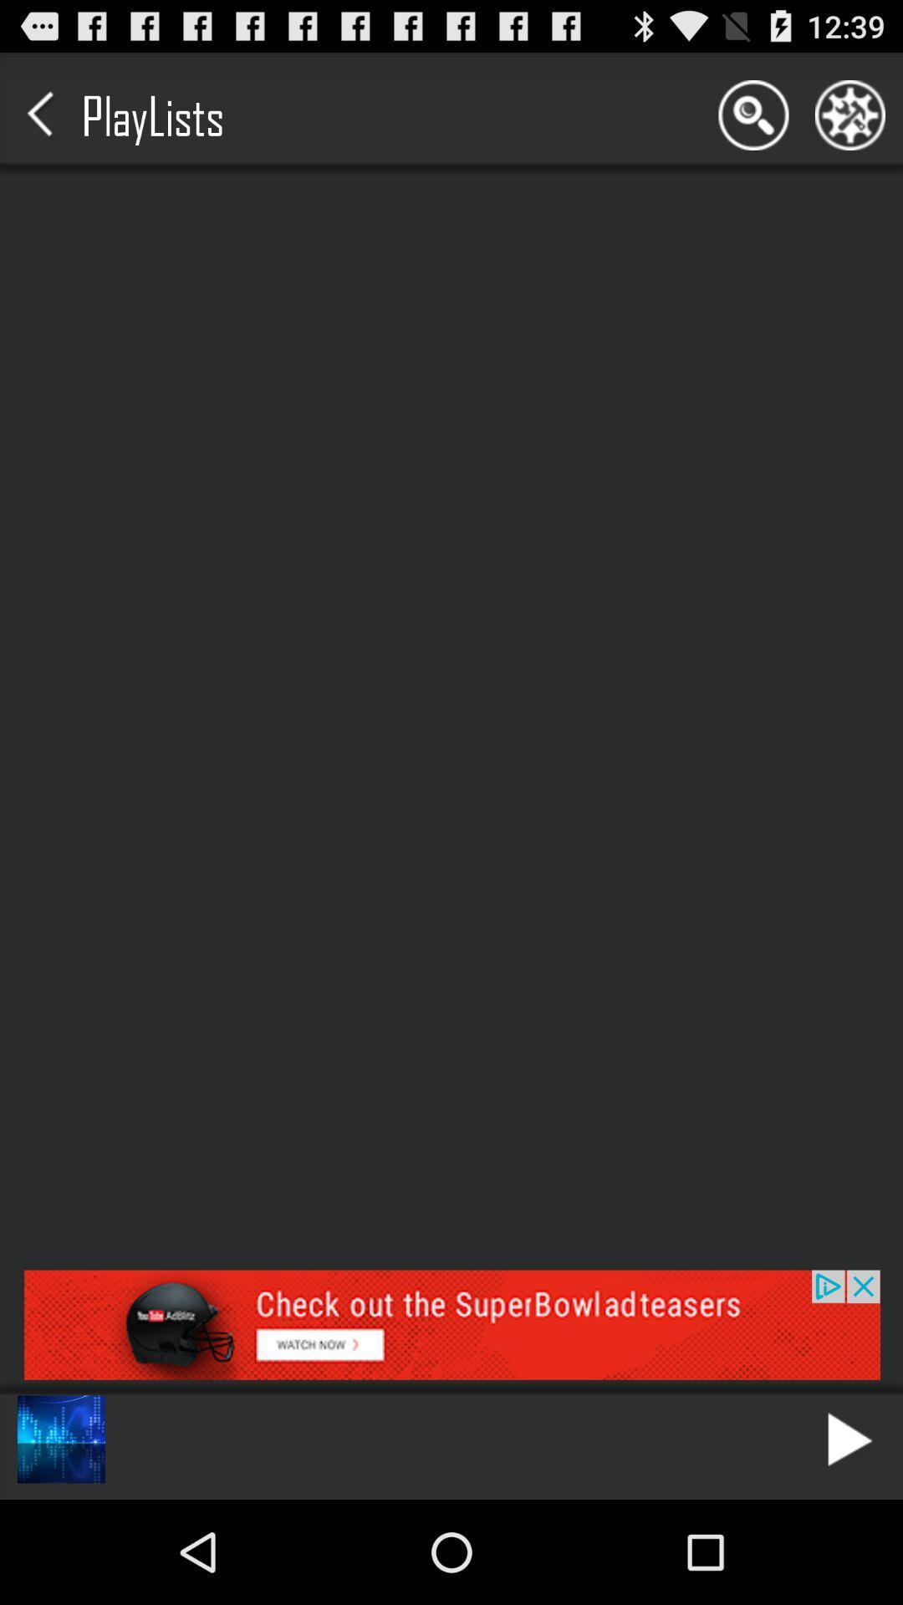  Describe the element at coordinates (850, 1540) in the screenshot. I see `the play icon` at that location.